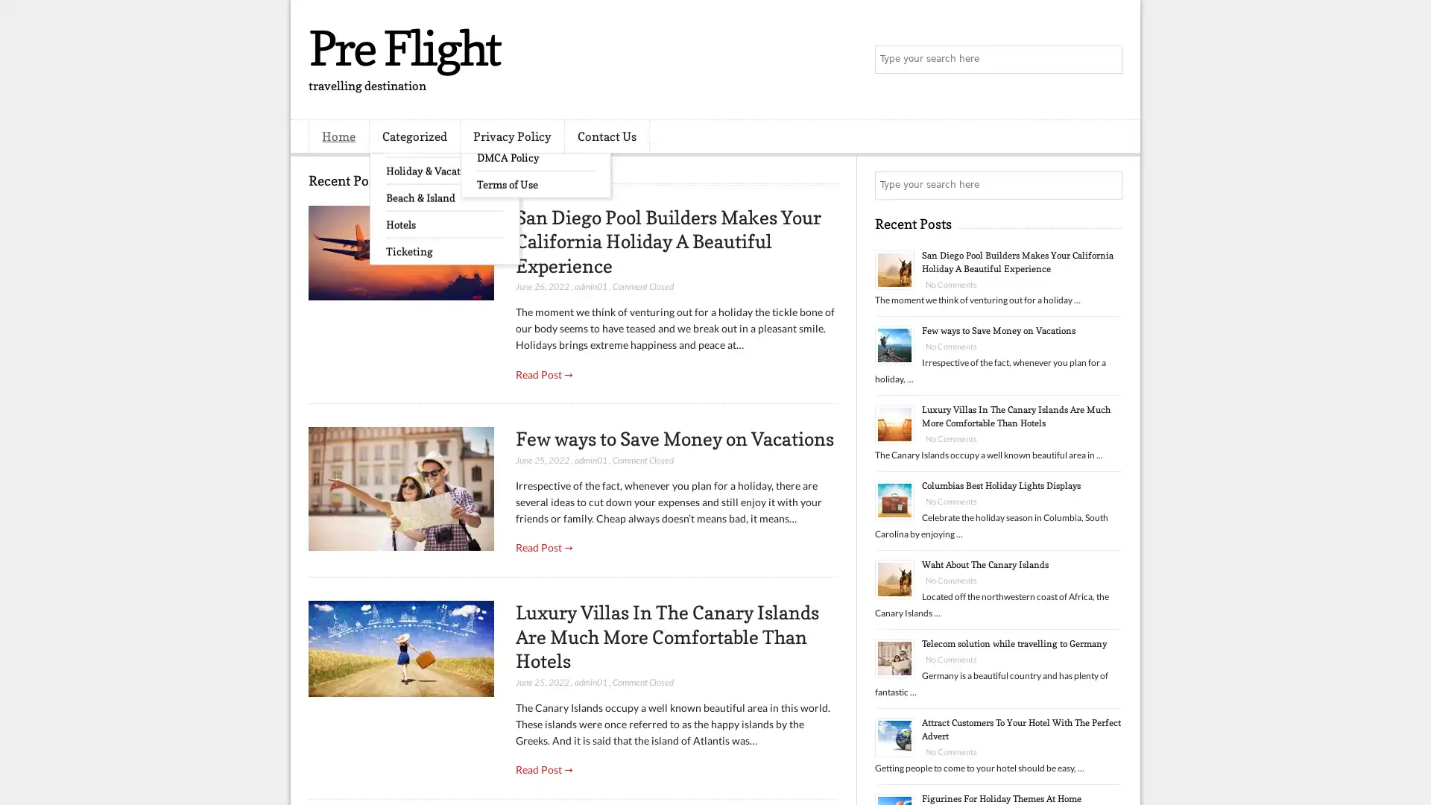 The width and height of the screenshot is (1431, 805). What do you see at coordinates (1107, 60) in the screenshot?
I see `Search` at bounding box center [1107, 60].